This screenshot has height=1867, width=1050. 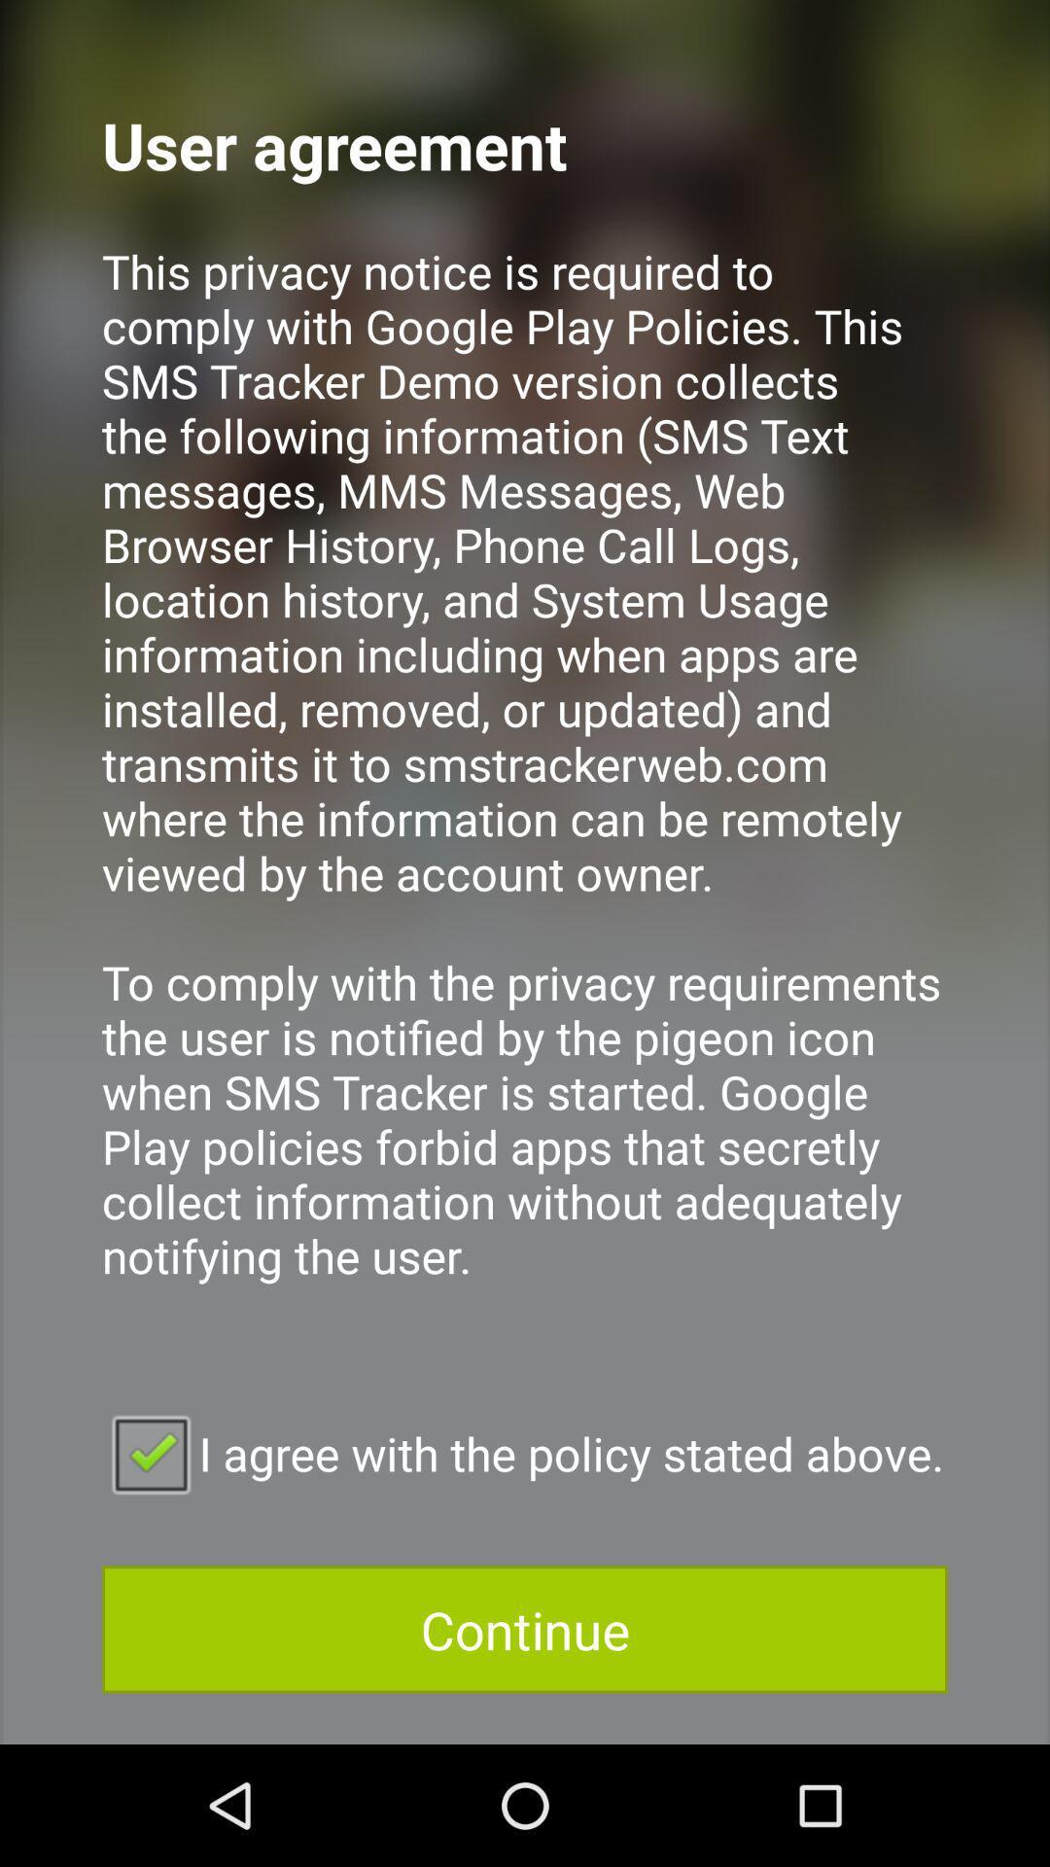 What do you see at coordinates (525, 790) in the screenshot?
I see `this privacy notice app` at bounding box center [525, 790].